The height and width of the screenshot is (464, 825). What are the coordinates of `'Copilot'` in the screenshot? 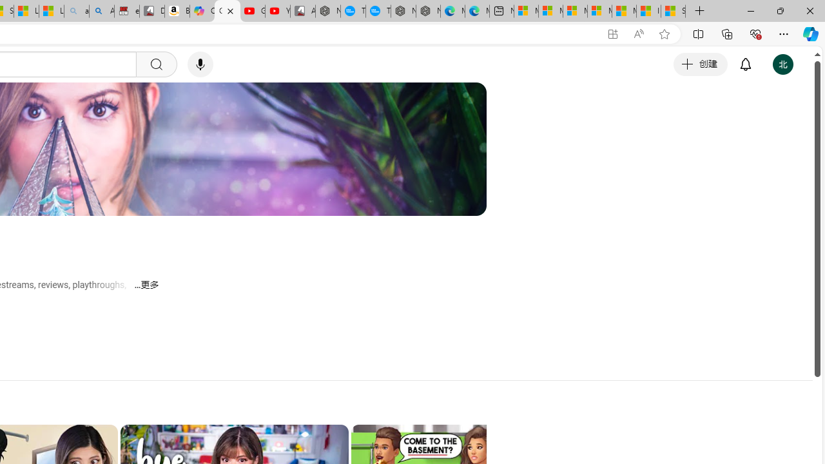 It's located at (201, 11).